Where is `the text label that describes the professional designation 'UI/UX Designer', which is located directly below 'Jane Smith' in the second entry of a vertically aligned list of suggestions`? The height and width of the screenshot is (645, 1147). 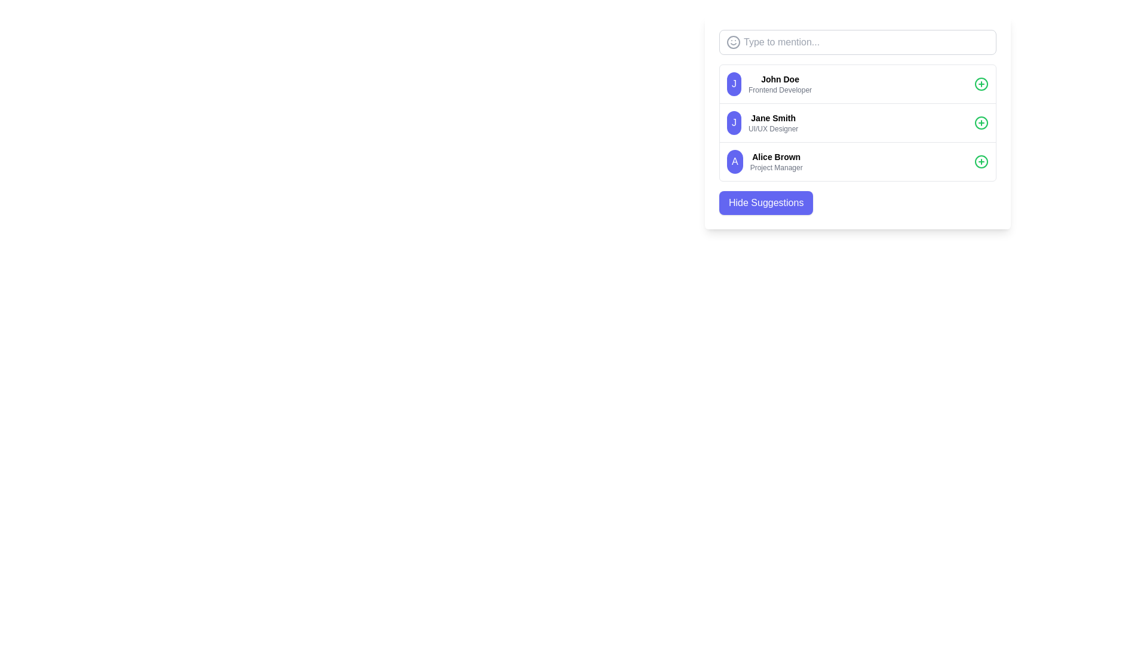 the text label that describes the professional designation 'UI/UX Designer', which is located directly below 'Jane Smith' in the second entry of a vertically aligned list of suggestions is located at coordinates (773, 129).